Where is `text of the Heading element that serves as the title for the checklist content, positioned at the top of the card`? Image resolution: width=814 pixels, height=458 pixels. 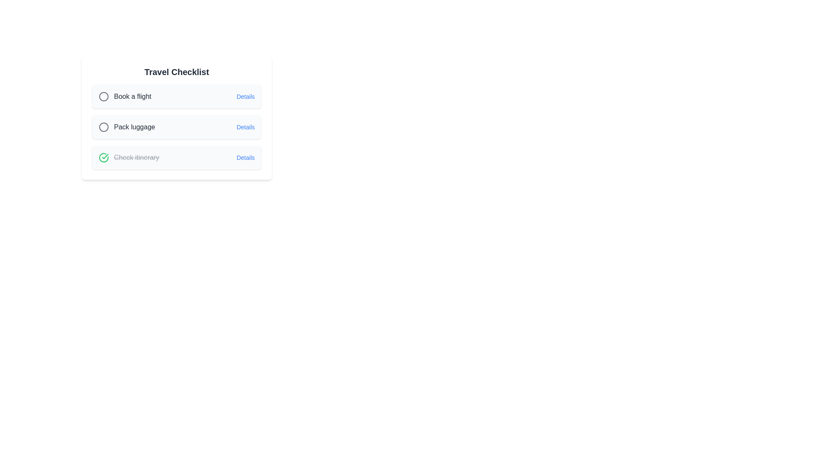 text of the Heading element that serves as the title for the checklist content, positioned at the top of the card is located at coordinates (176, 71).